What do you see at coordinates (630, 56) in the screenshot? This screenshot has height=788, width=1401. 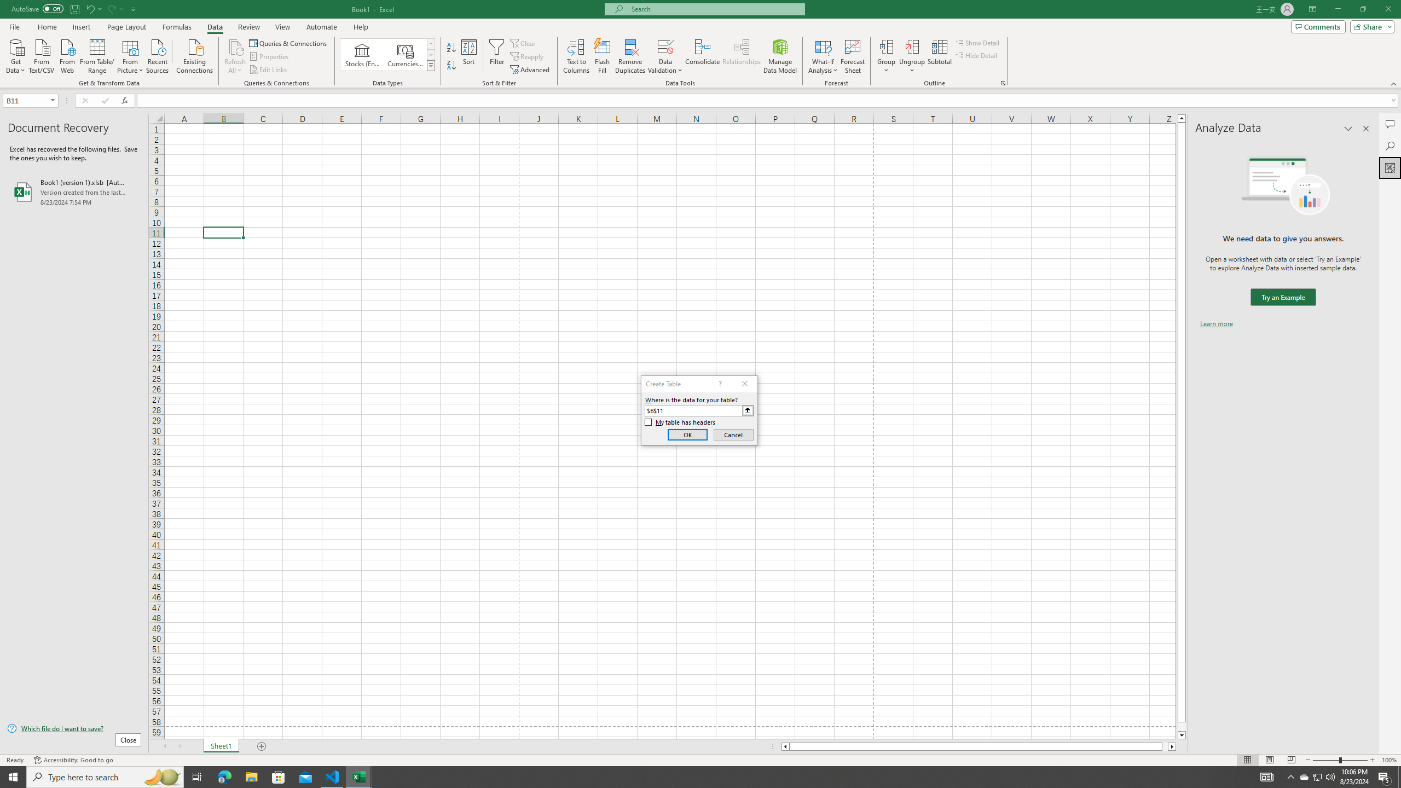 I see `'Remove Duplicates'` at bounding box center [630, 56].